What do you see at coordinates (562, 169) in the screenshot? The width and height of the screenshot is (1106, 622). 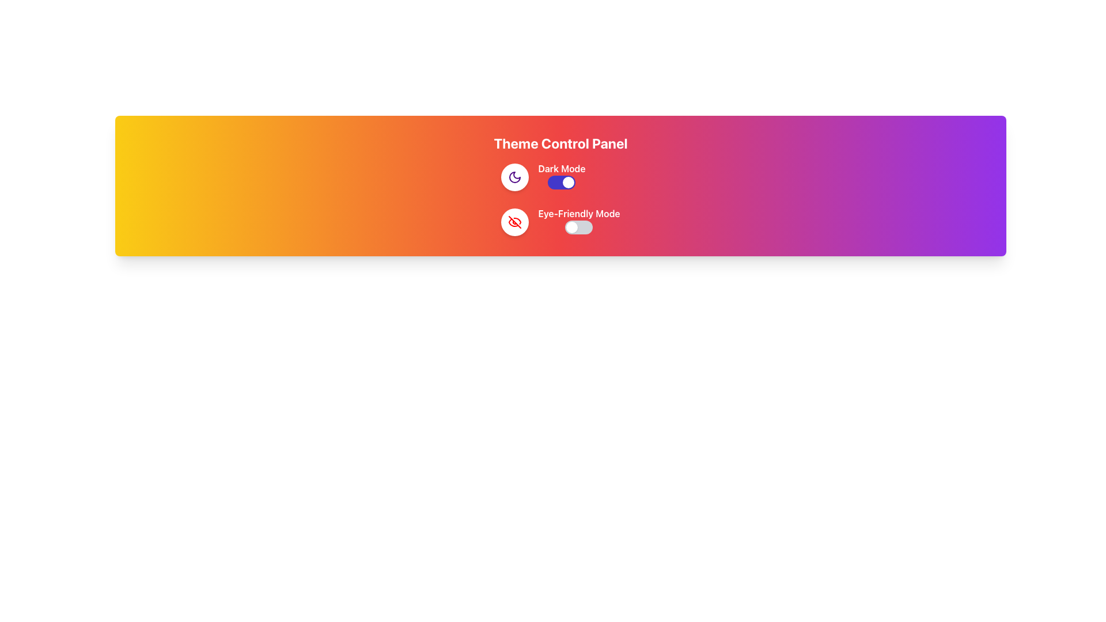 I see `the Text label that describes the functionality of the adjacent toggle switch for enabling or disabling the 'Dark Mode' setting` at bounding box center [562, 169].